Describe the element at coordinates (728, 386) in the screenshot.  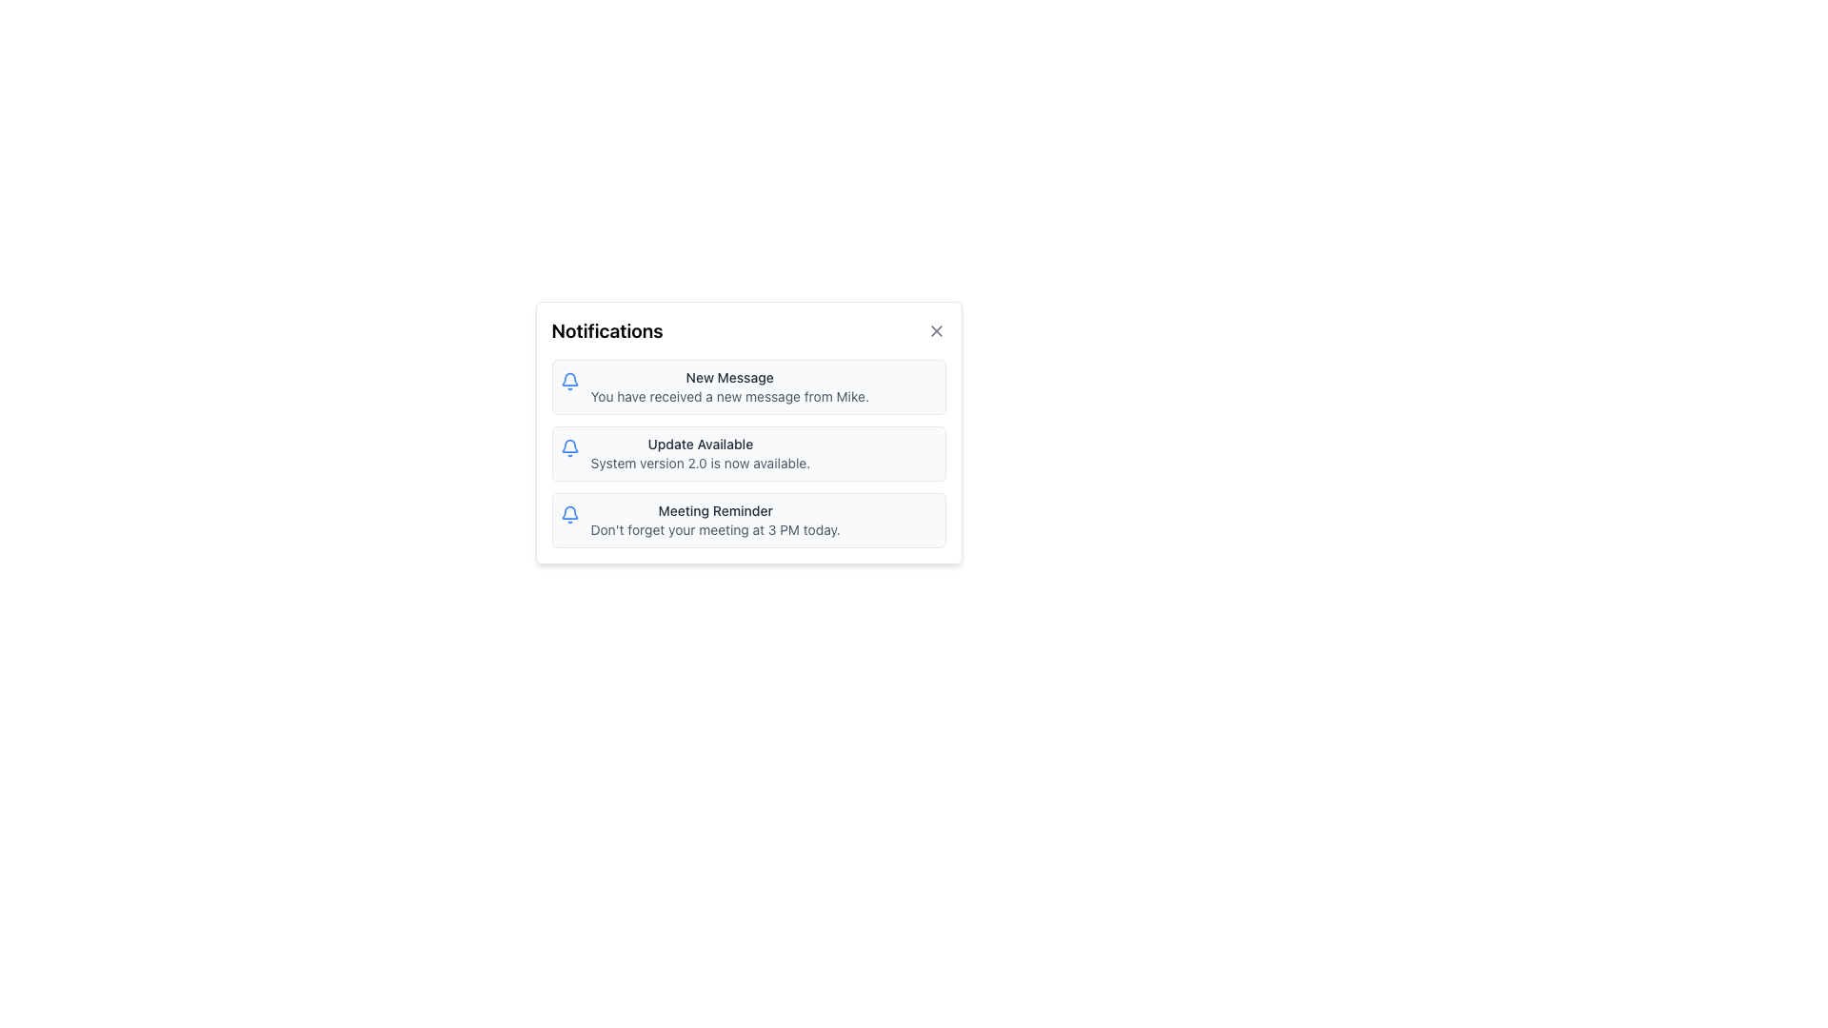
I see `message content from the Text Block that displays the new message notification, which includes details about the sender and purpose of the message` at that location.